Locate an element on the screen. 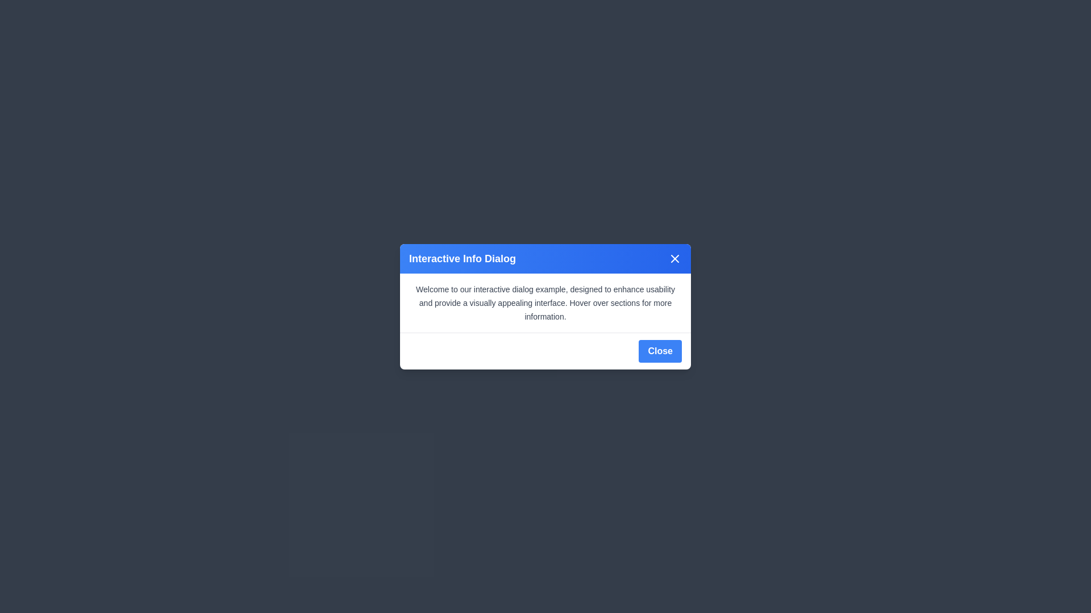  the 'Close' button in the footer of the dialog is located at coordinates (660, 350).